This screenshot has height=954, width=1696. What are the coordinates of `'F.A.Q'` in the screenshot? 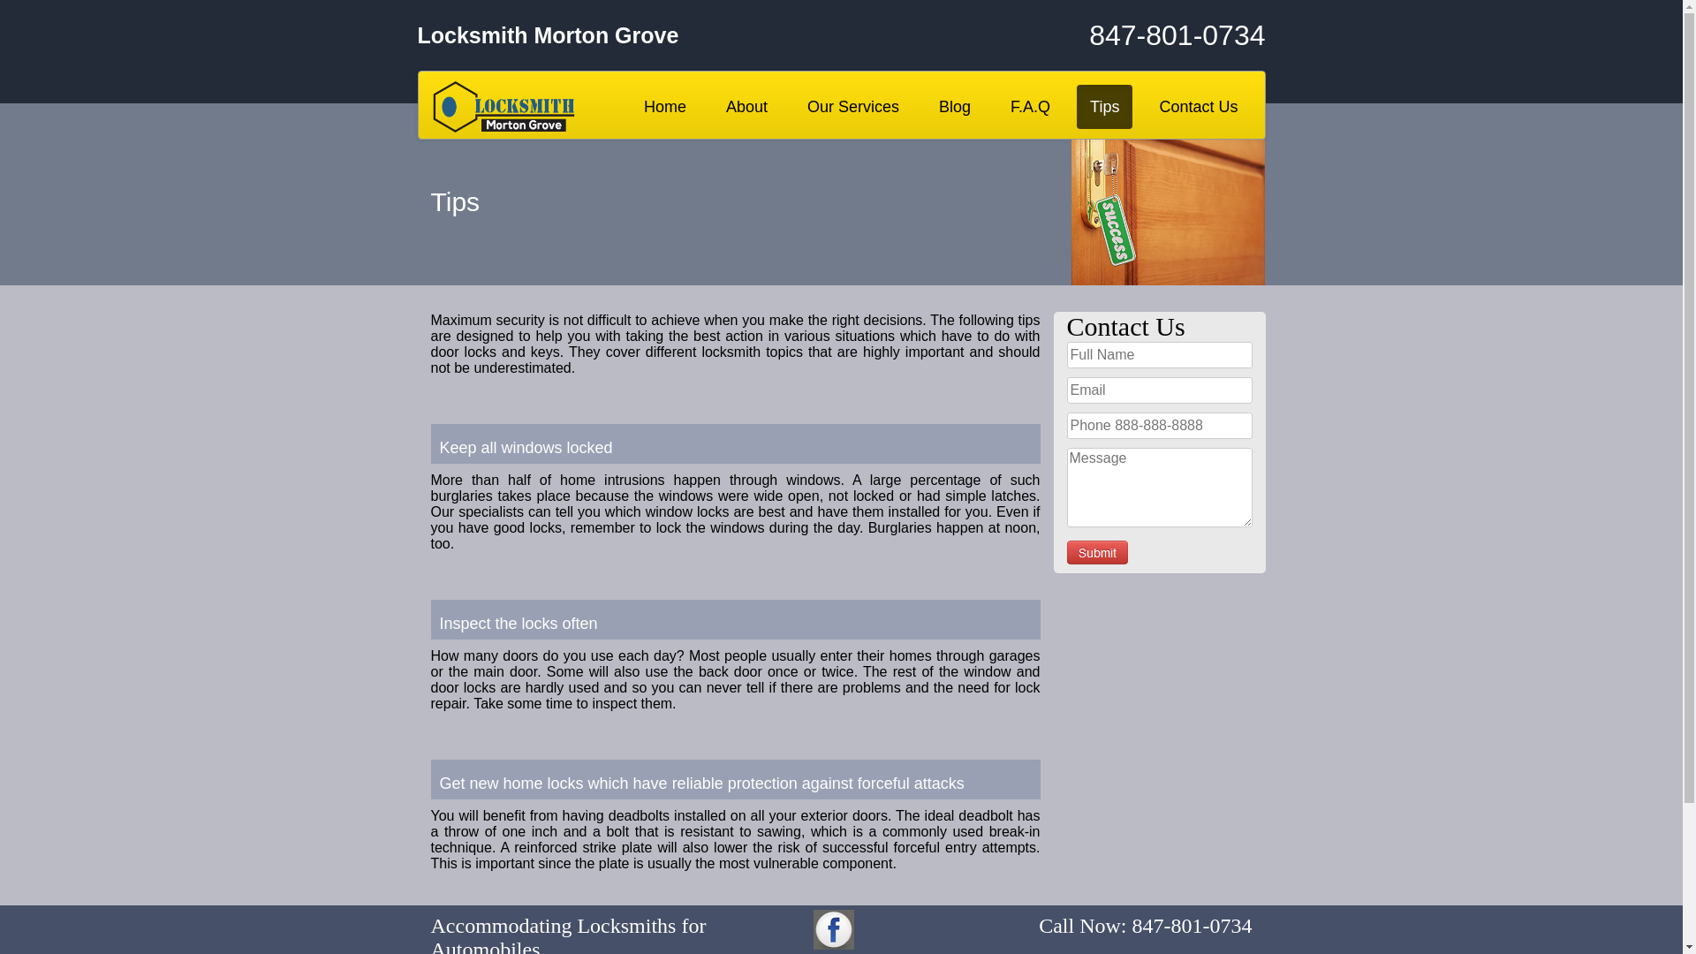 It's located at (1030, 106).